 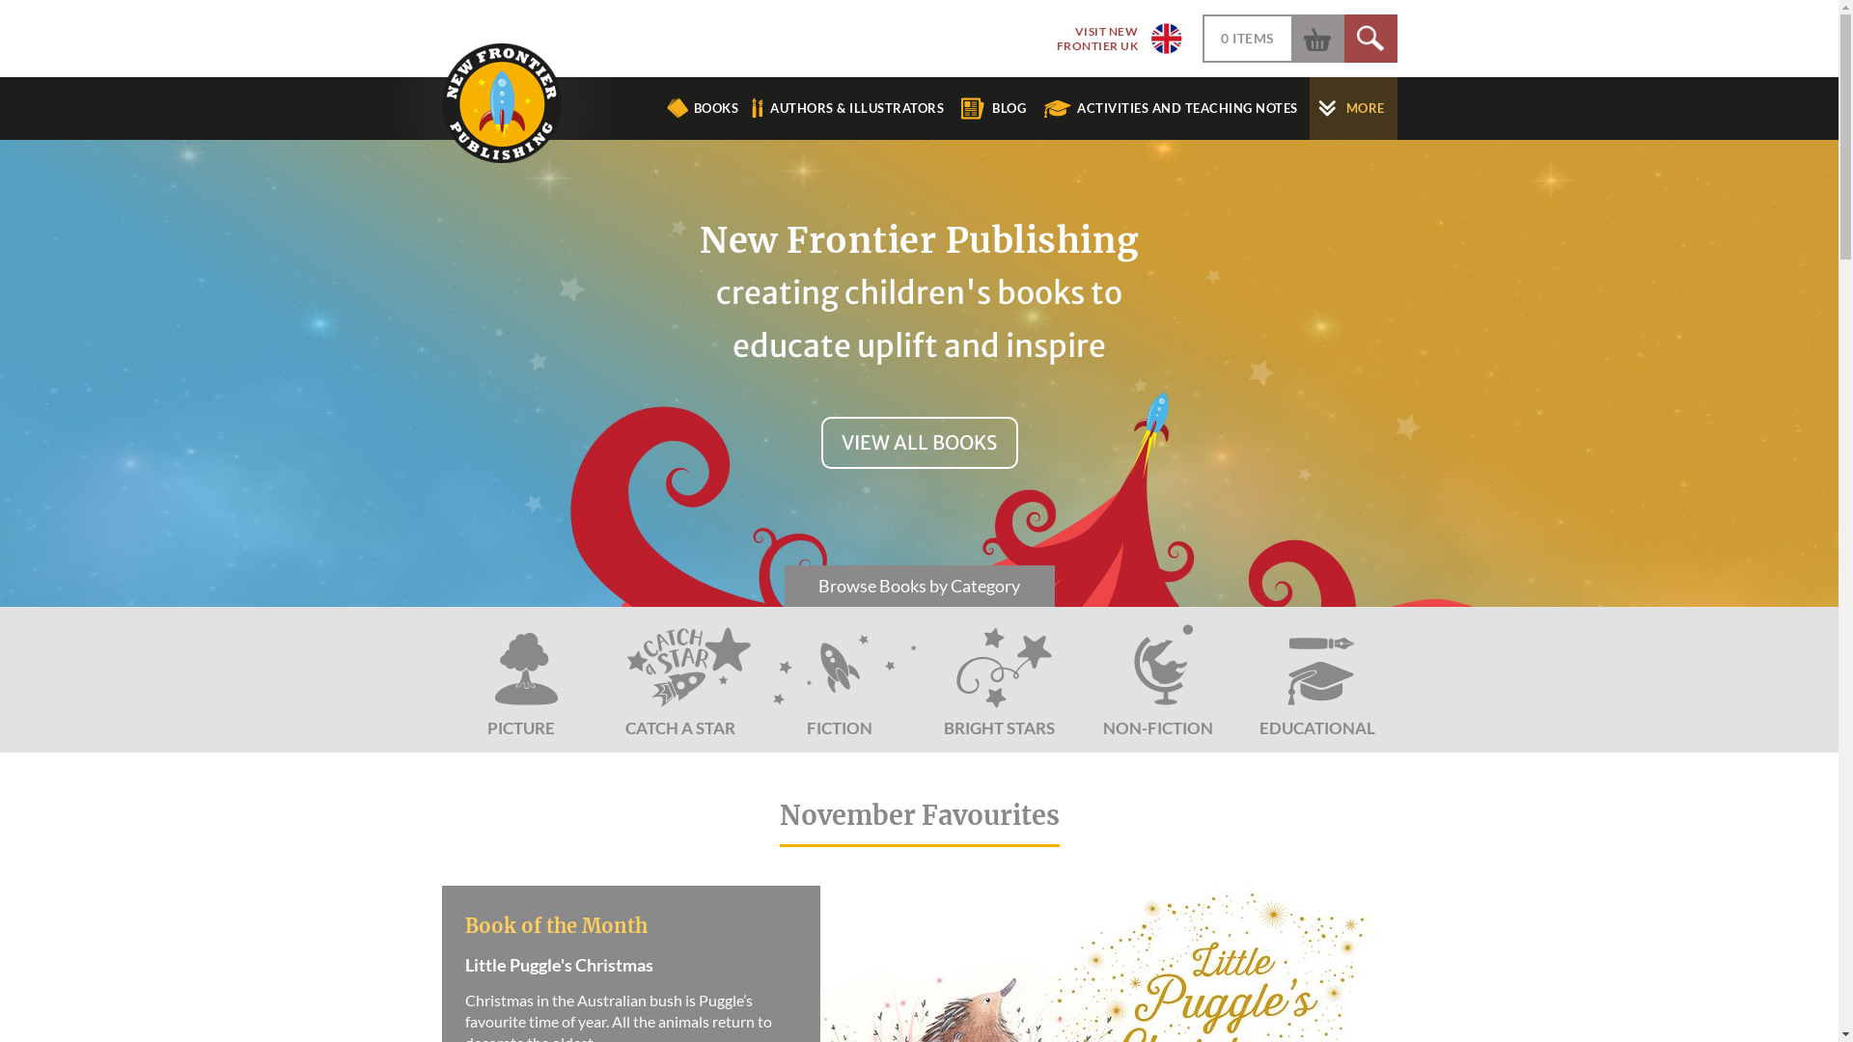 What do you see at coordinates (840, 678) in the screenshot?
I see `'FICTION'` at bounding box center [840, 678].